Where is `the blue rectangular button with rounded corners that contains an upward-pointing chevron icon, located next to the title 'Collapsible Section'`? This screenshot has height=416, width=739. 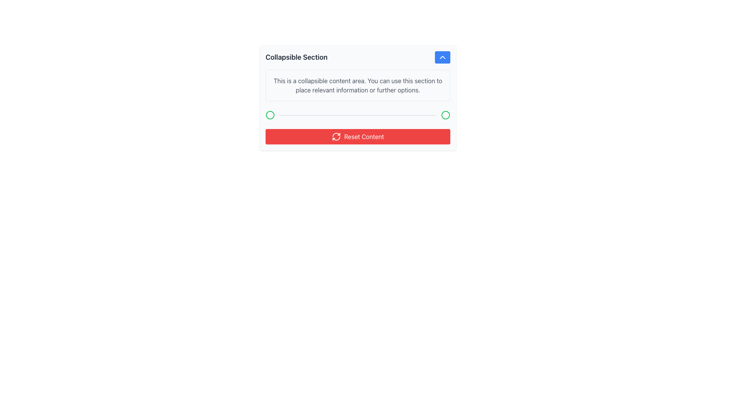 the blue rectangular button with rounded corners that contains an upward-pointing chevron icon, located next to the title 'Collapsible Section' is located at coordinates (443, 57).